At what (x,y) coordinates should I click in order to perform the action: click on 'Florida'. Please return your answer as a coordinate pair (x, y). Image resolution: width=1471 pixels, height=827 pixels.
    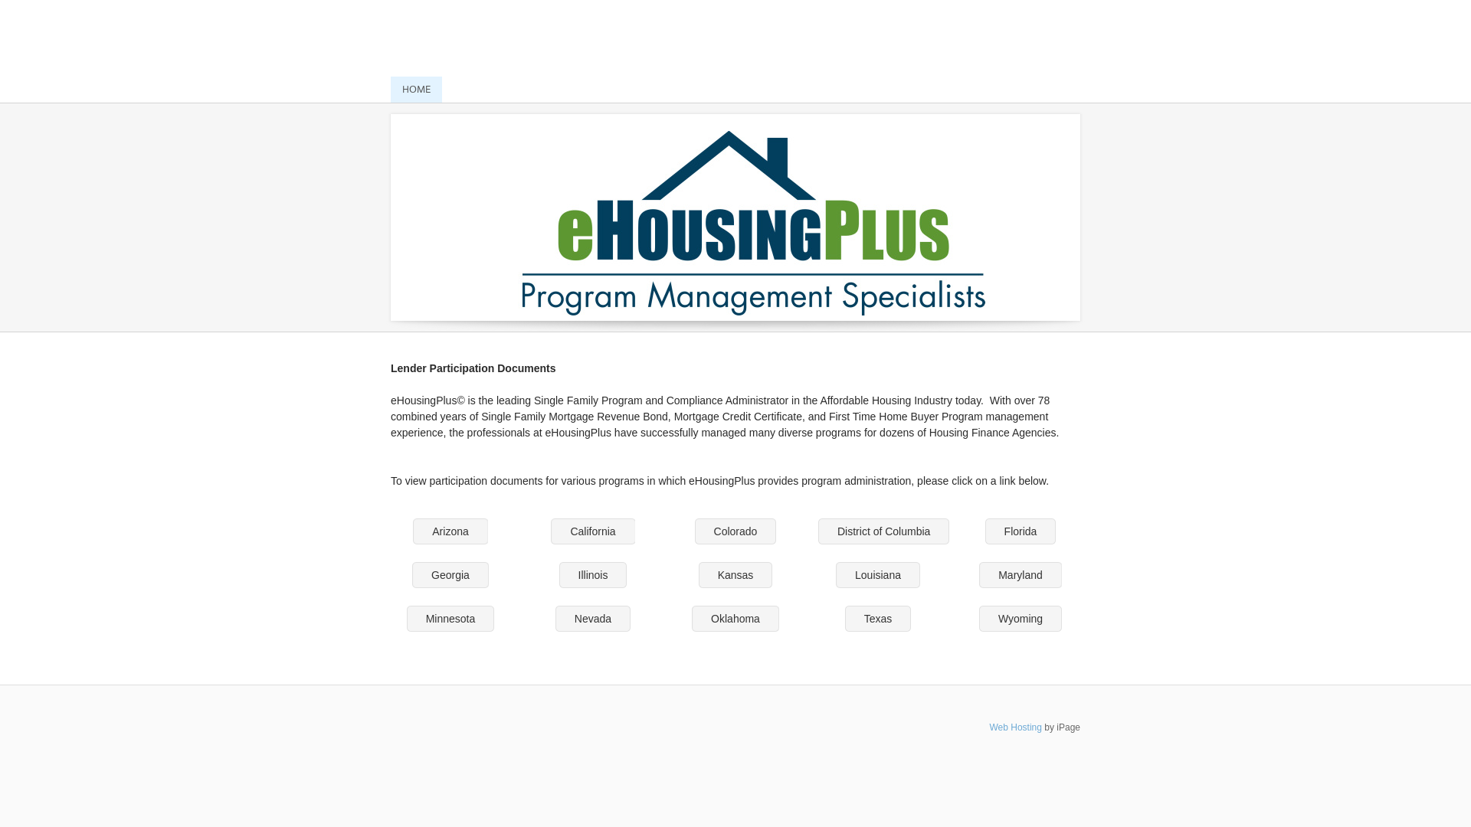
    Looking at the image, I should click on (1021, 531).